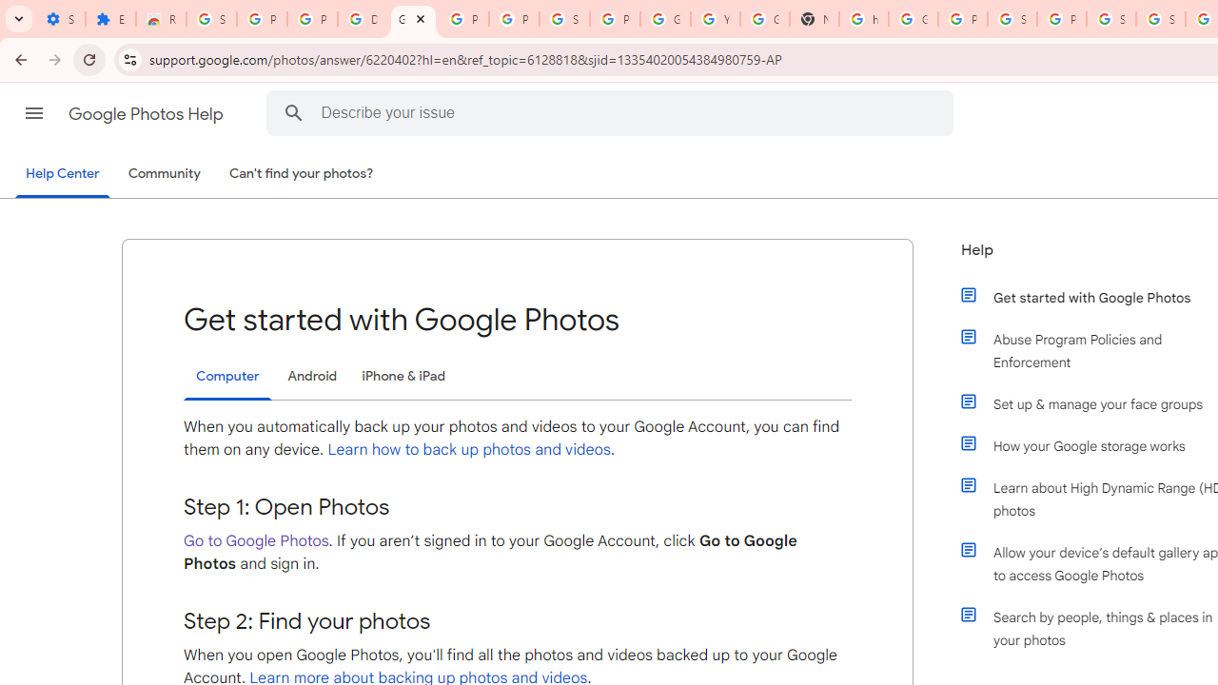  What do you see at coordinates (403, 376) in the screenshot?
I see `'iPhone & iPad'` at bounding box center [403, 376].